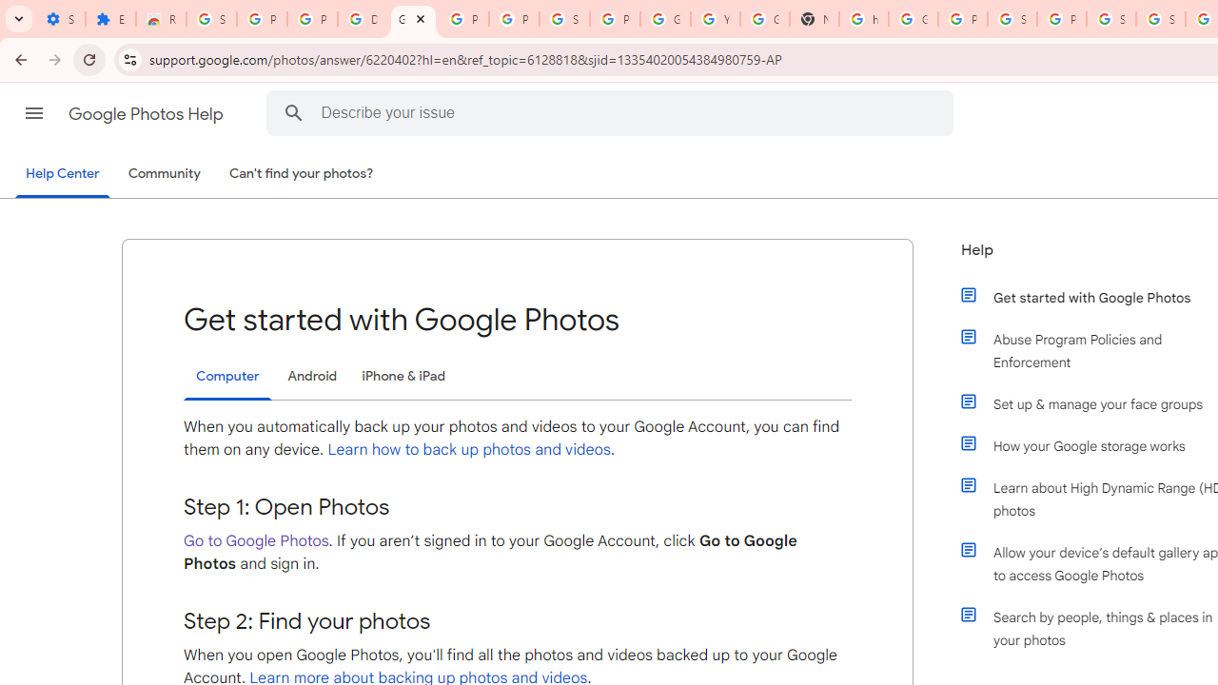  What do you see at coordinates (403, 376) in the screenshot?
I see `'iPhone & iPad'` at bounding box center [403, 376].